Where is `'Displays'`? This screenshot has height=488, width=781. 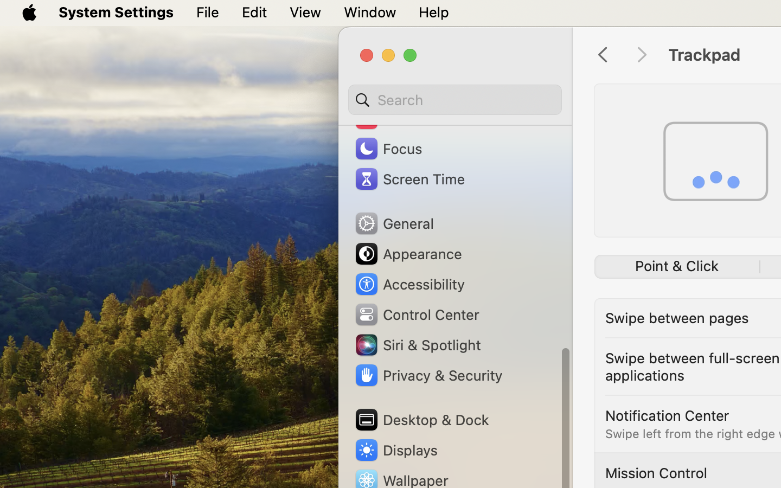
'Displays' is located at coordinates (395, 450).